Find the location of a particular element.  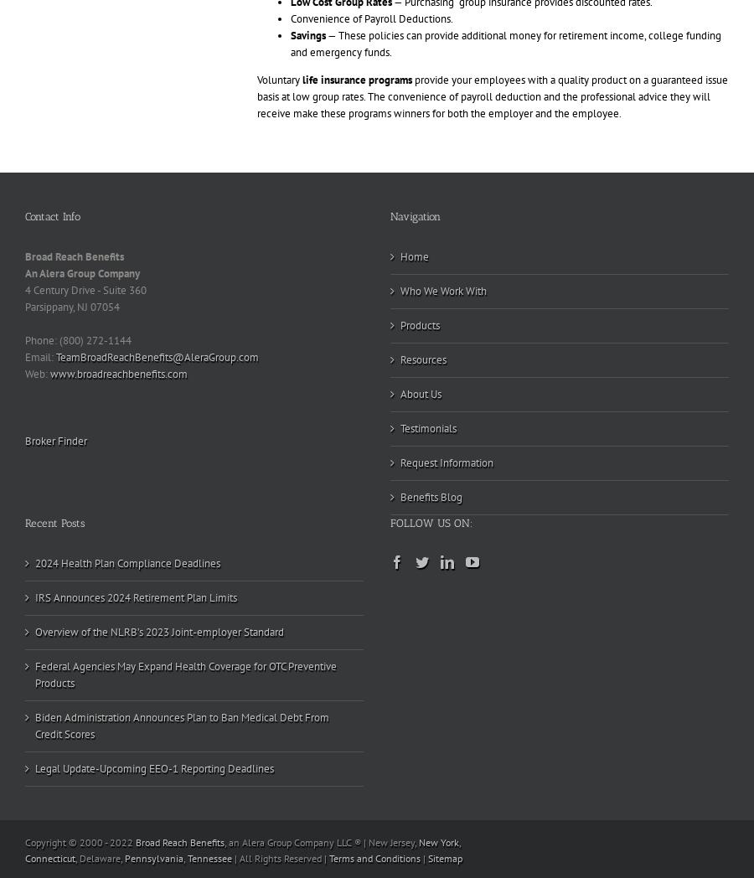

'Phone:' is located at coordinates (23, 340).